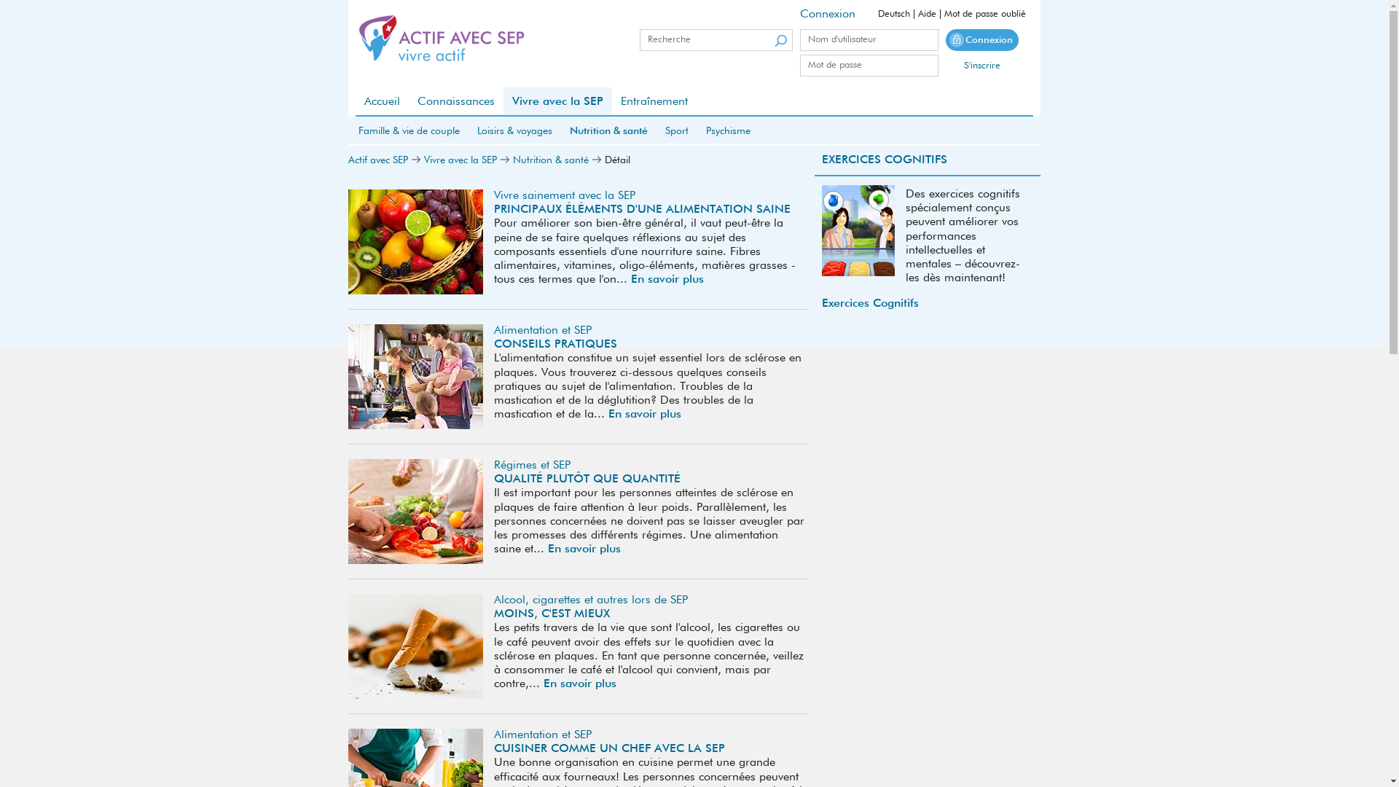  Describe the element at coordinates (877, 14) in the screenshot. I see `'Deutsch'` at that location.